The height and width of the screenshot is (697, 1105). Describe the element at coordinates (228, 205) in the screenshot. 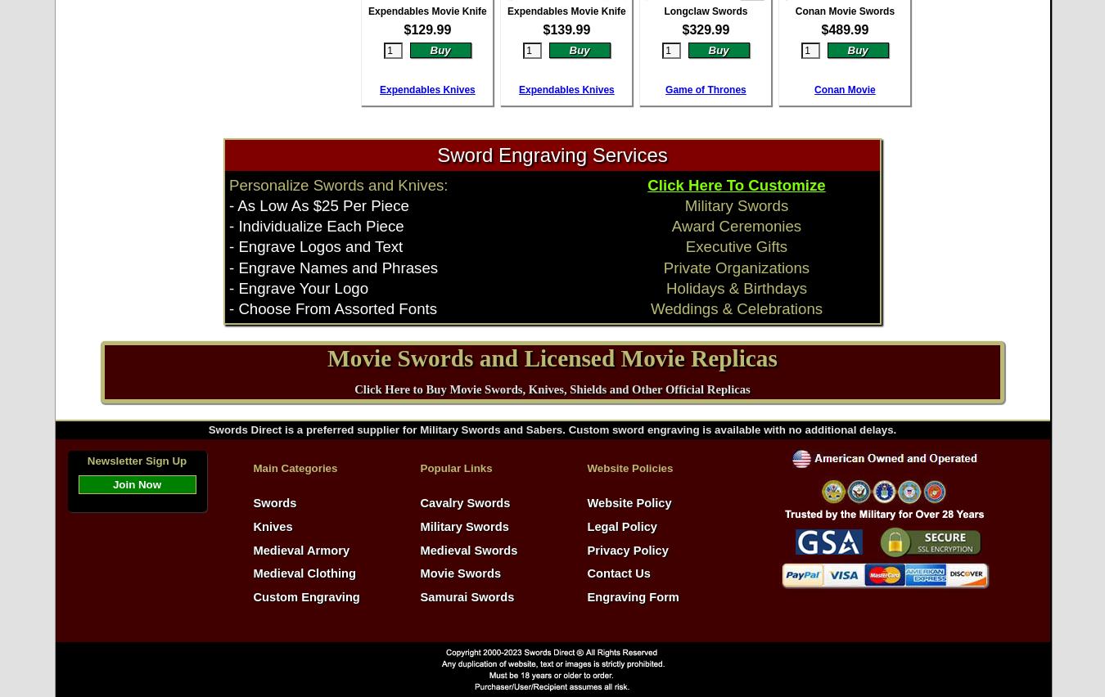

I see `'- As Low As $25 Per Piece'` at that location.